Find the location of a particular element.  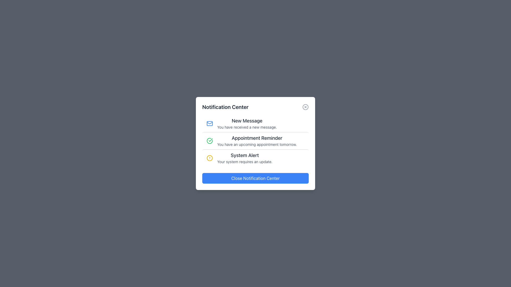

the second notification in the Notification Center that alerts users of an upcoming appointment tomorrow is located at coordinates (256, 140).